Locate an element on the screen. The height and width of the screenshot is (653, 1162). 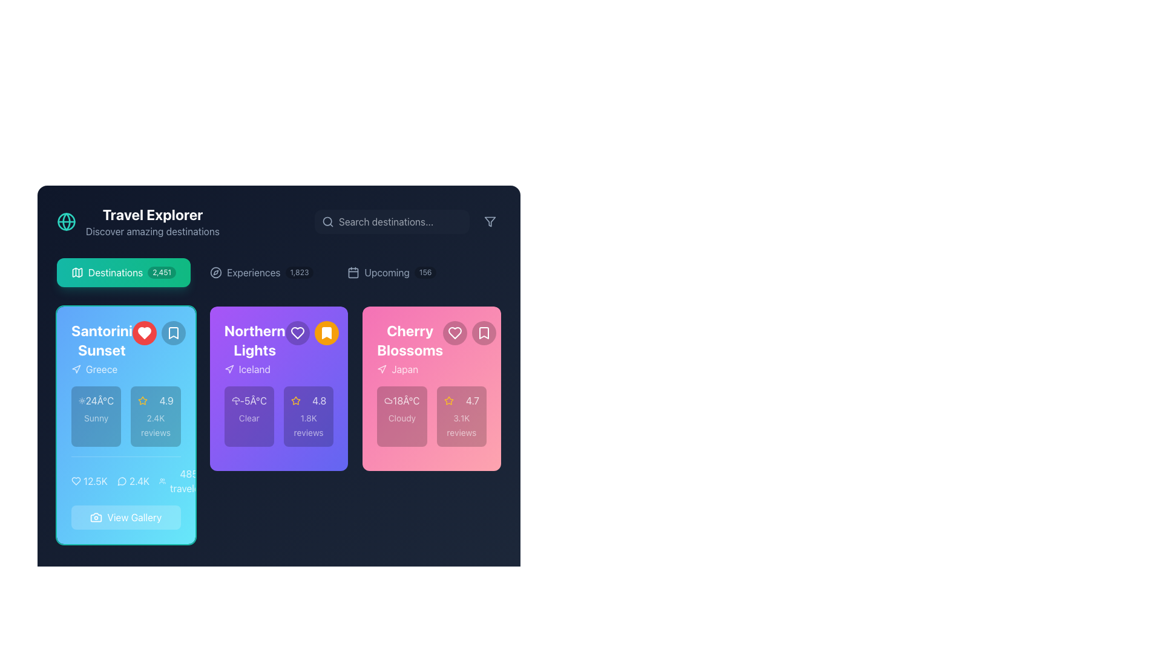
the heart-shaped icon located in the top-right section of the second card to mark the associated item as a favorite is located at coordinates (455, 333).